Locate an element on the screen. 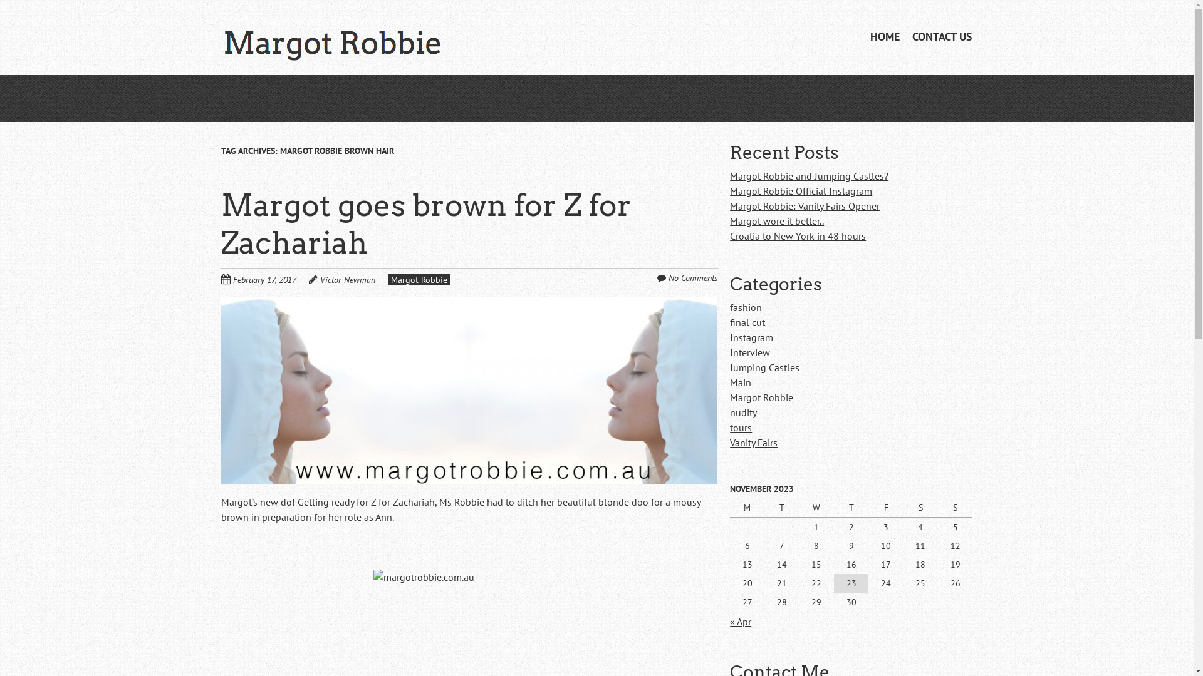 The height and width of the screenshot is (676, 1203). 'Jumping Castles' is located at coordinates (764, 366).